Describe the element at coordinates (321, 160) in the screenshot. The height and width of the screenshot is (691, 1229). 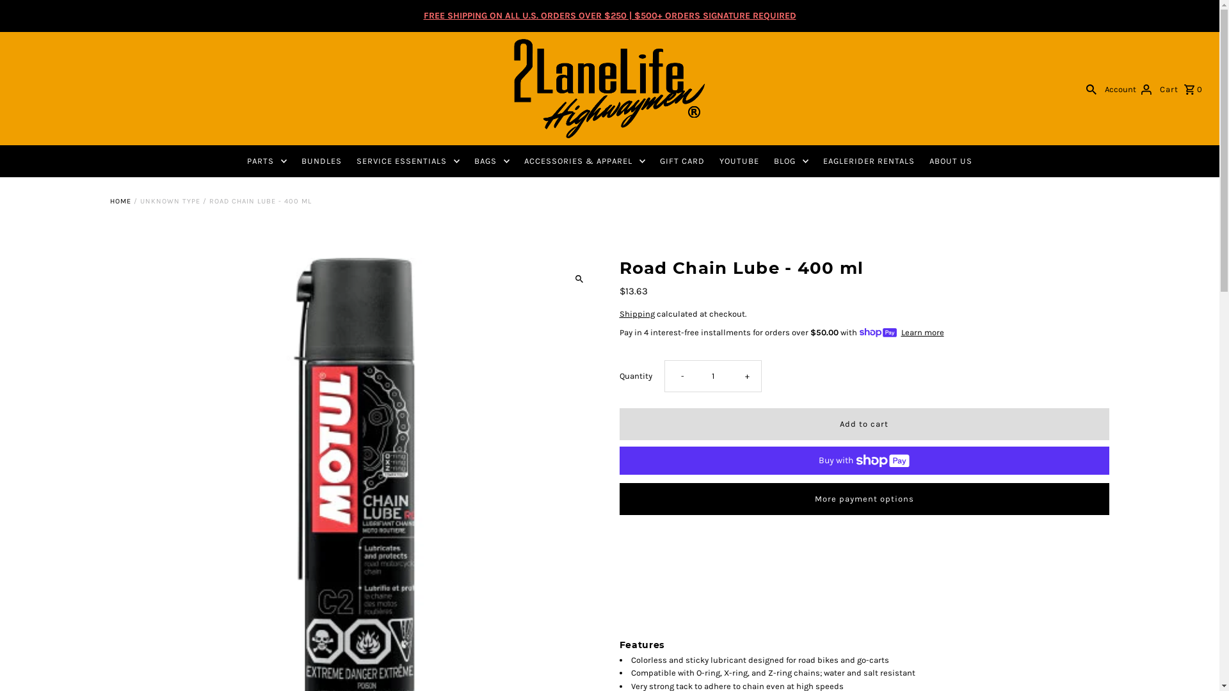
I see `'BUNDLES'` at that location.